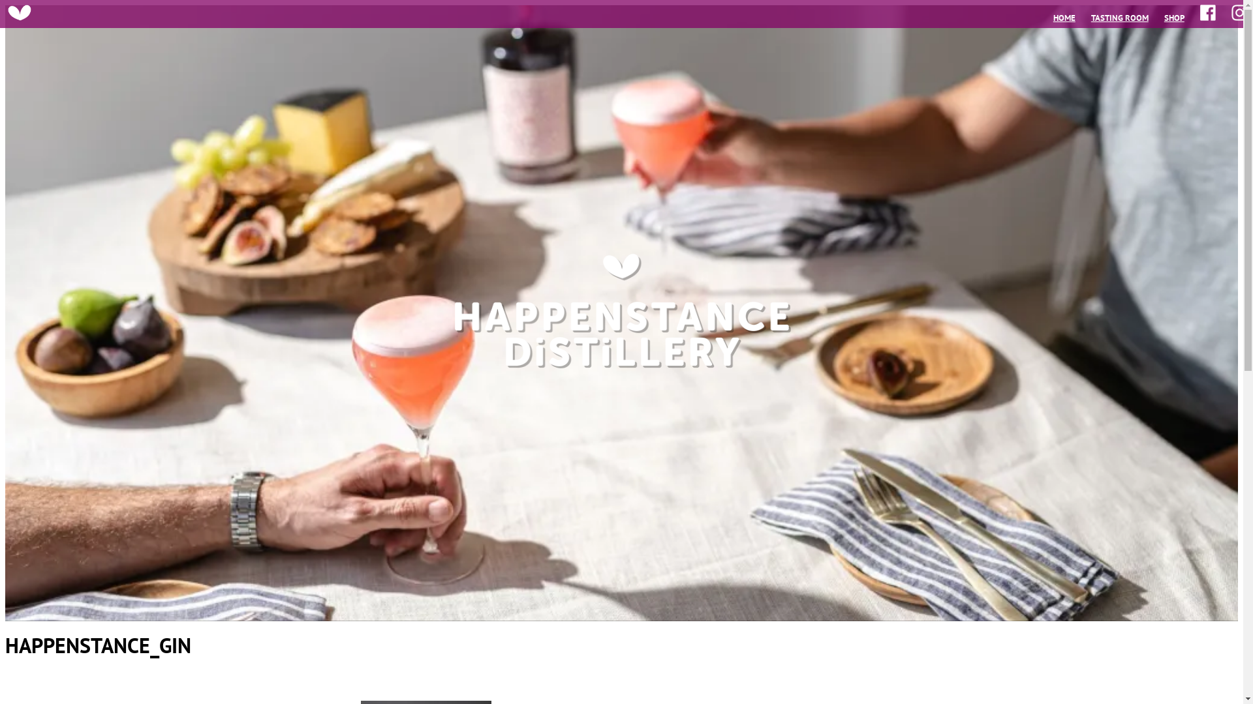 The image size is (1253, 704). Describe the element at coordinates (1064, 18) in the screenshot. I see `'HOME'` at that location.